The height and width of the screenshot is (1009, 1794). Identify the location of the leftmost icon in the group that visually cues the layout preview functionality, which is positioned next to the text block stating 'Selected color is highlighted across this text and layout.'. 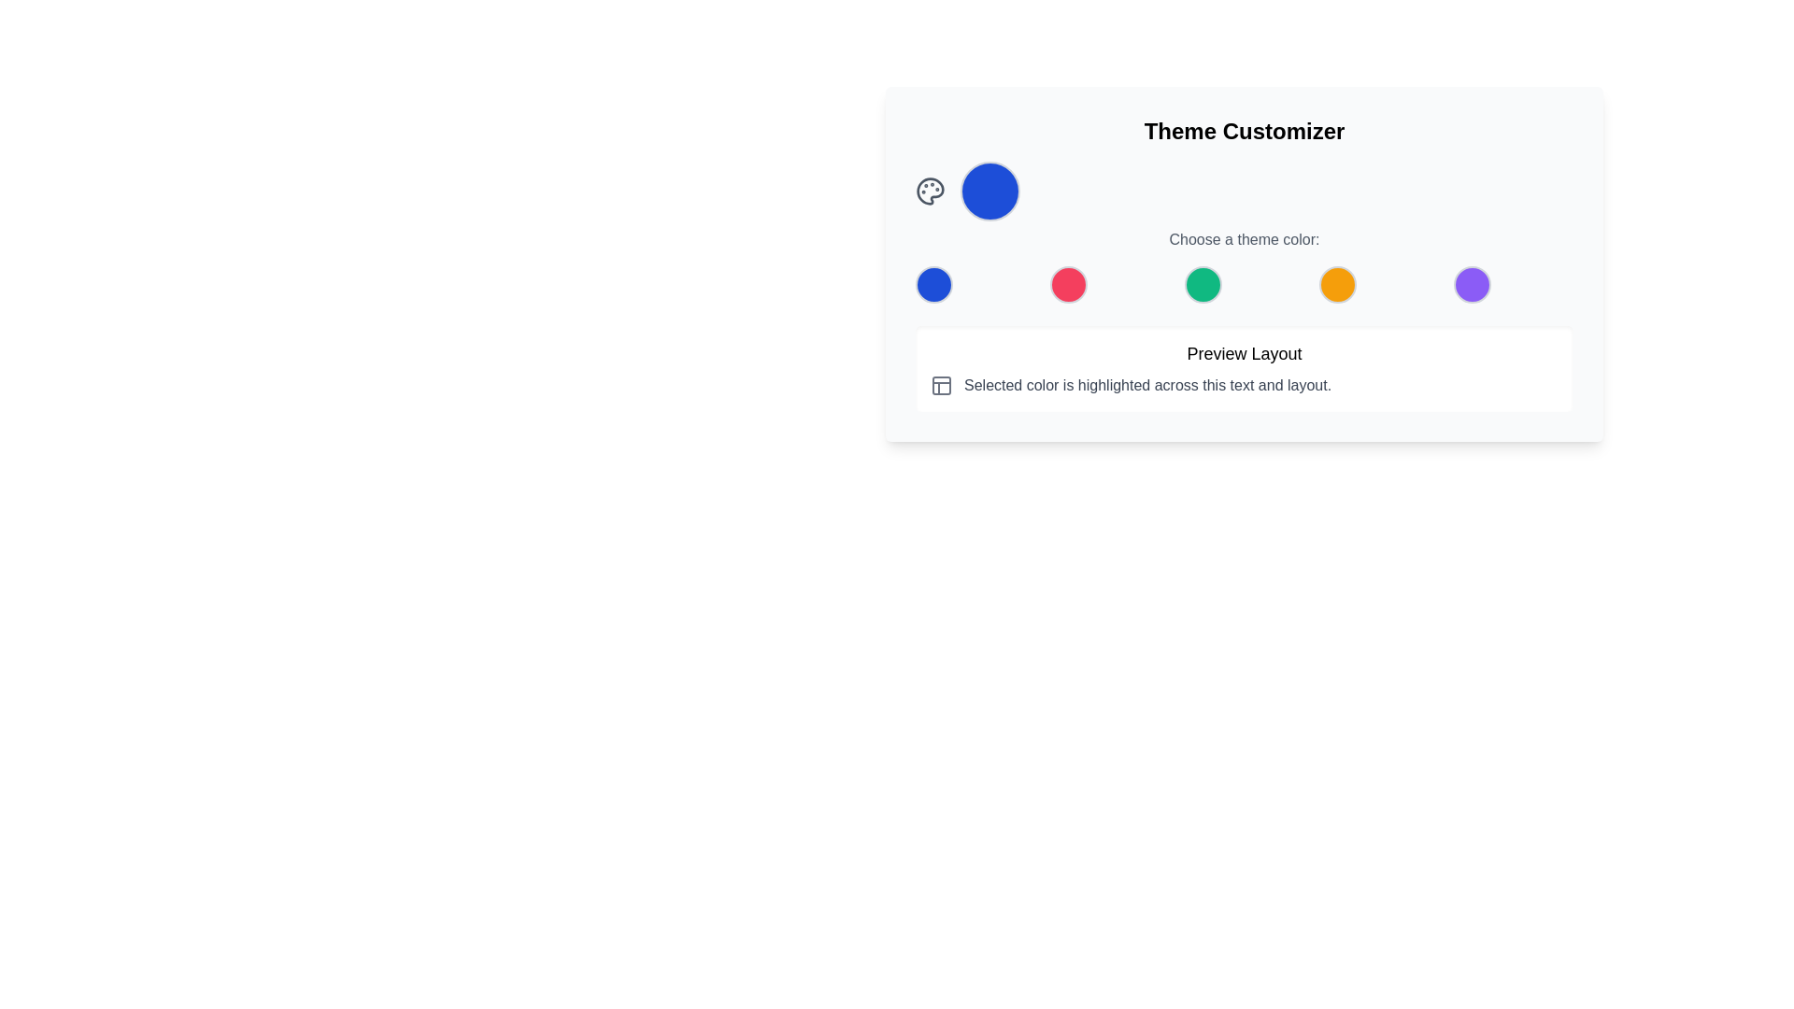
(942, 384).